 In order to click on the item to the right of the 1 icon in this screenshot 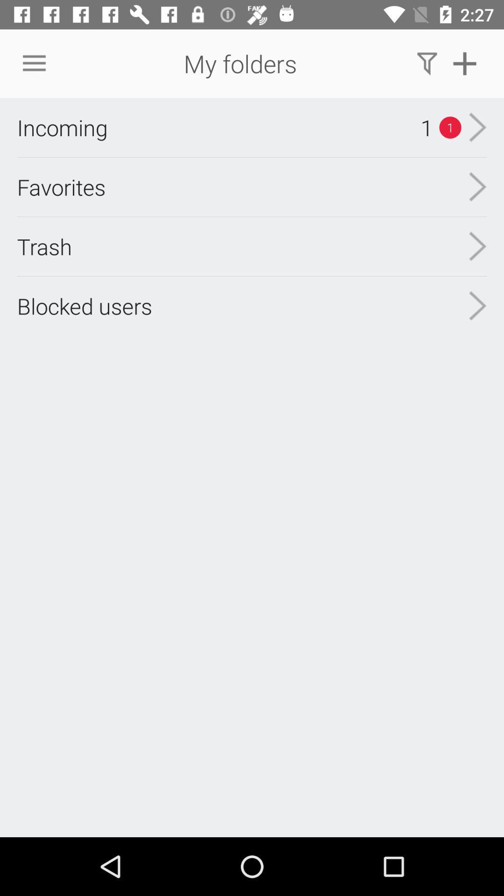, I will do `click(477, 127)`.